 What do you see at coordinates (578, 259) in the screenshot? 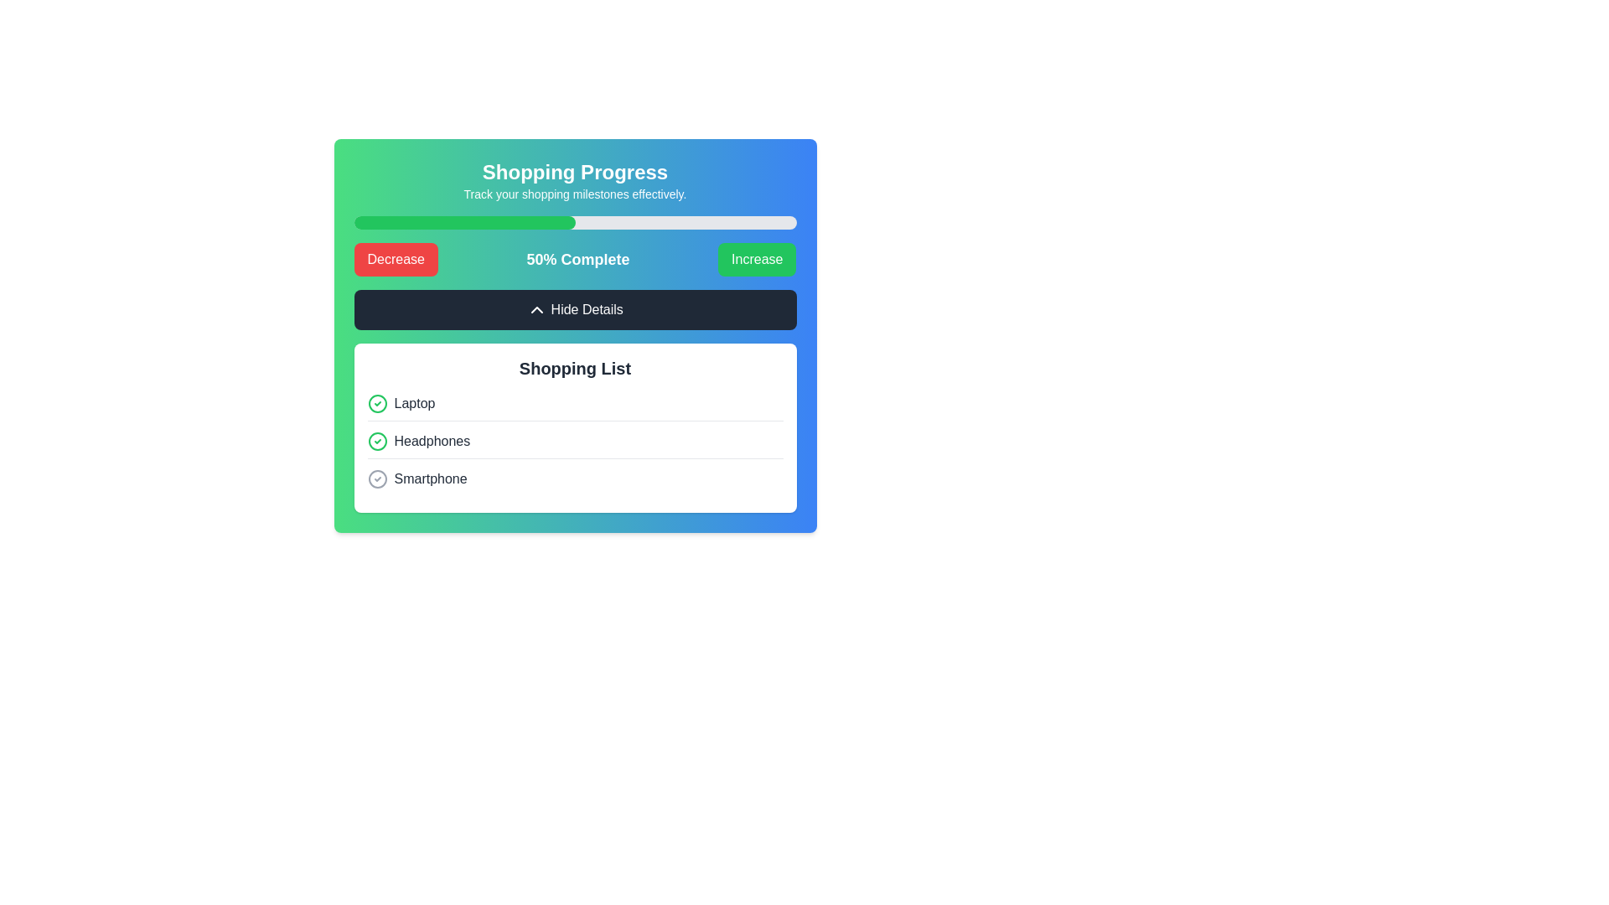
I see `the static text label displaying '50% Complete', which is bold and white on a gradient blue background, located between the 'Decrease' and 'Increase' buttons, just below a progress bar` at bounding box center [578, 259].